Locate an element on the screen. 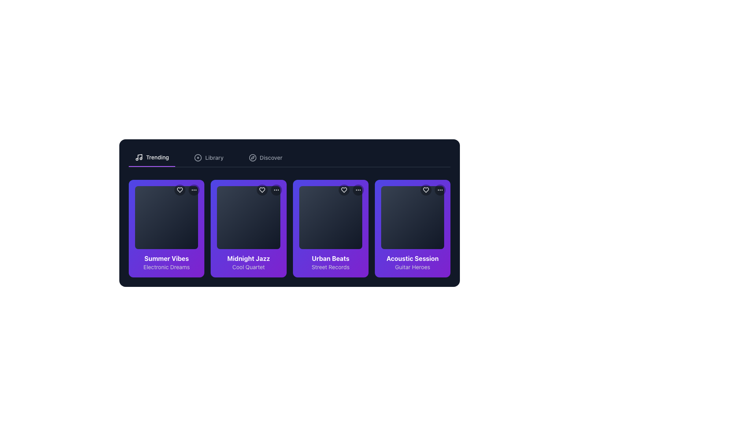 The height and width of the screenshot is (425, 756). the 'Discover' button located in the top navigation bar, positioned as the third option to the right of 'Trending' and 'Library' is located at coordinates (265, 158).